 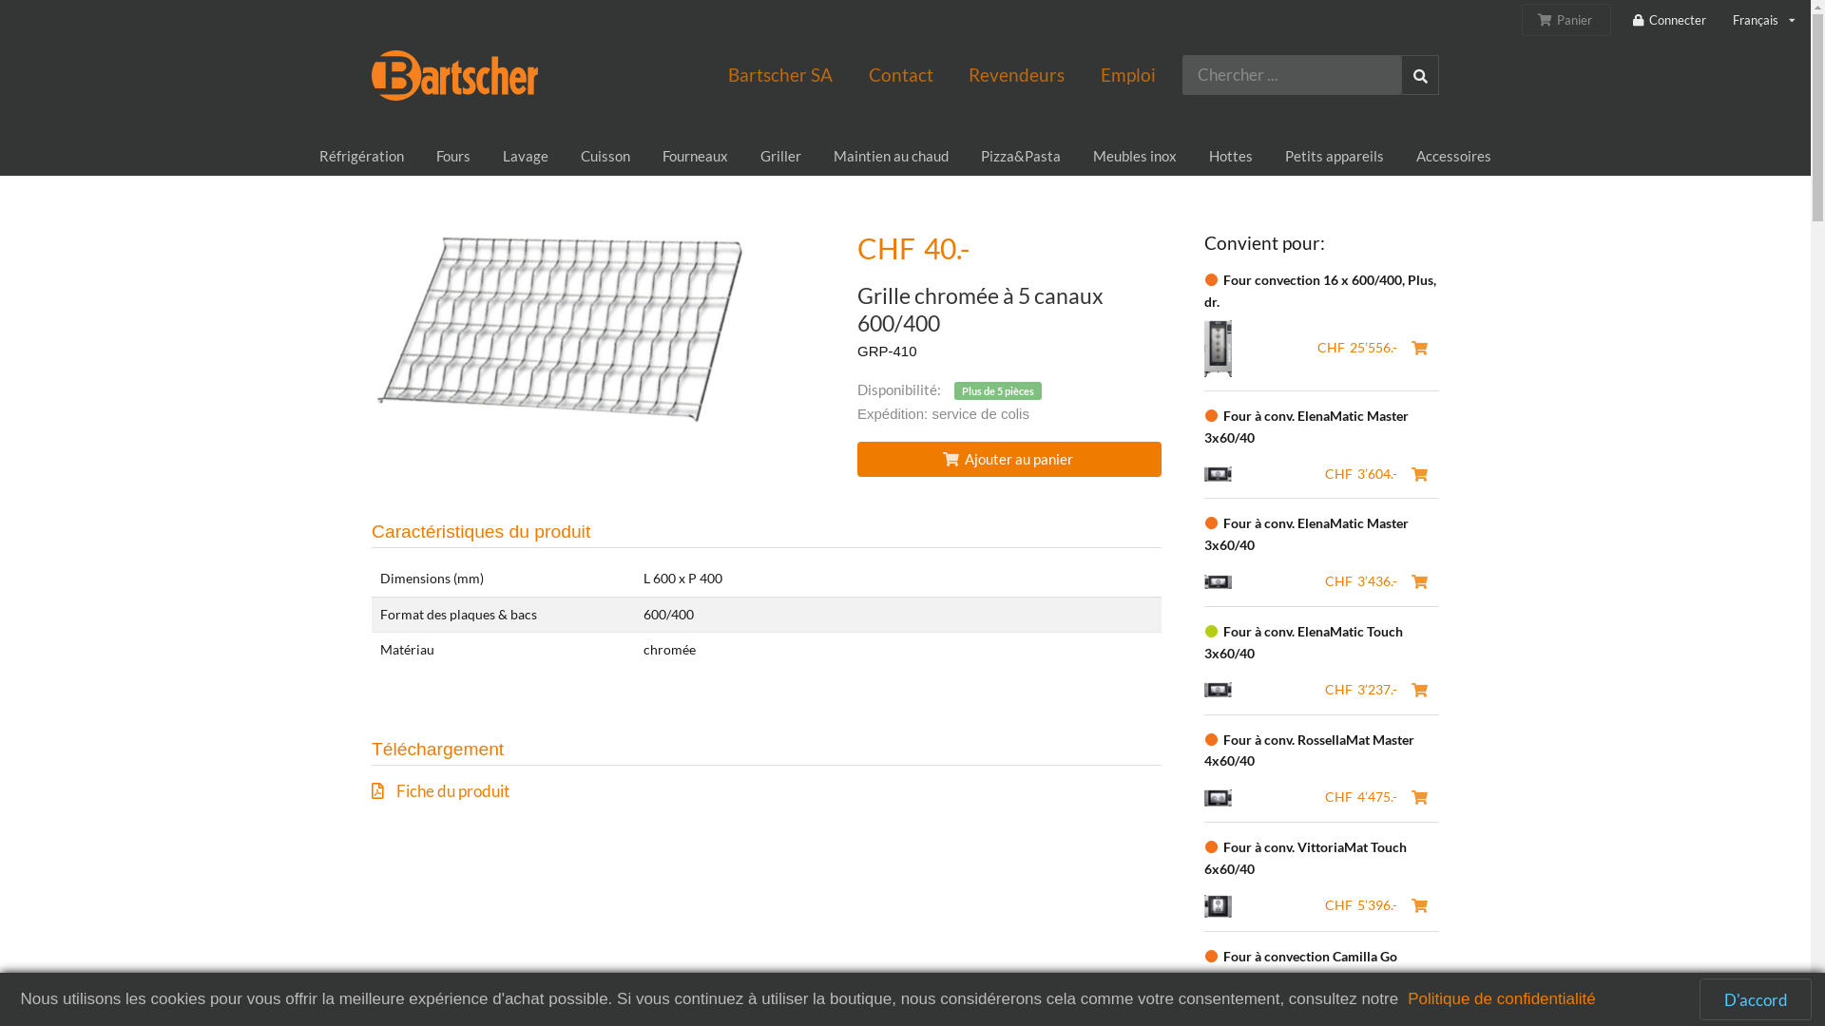 I want to click on 'Bartscher SA', so click(x=779, y=73).